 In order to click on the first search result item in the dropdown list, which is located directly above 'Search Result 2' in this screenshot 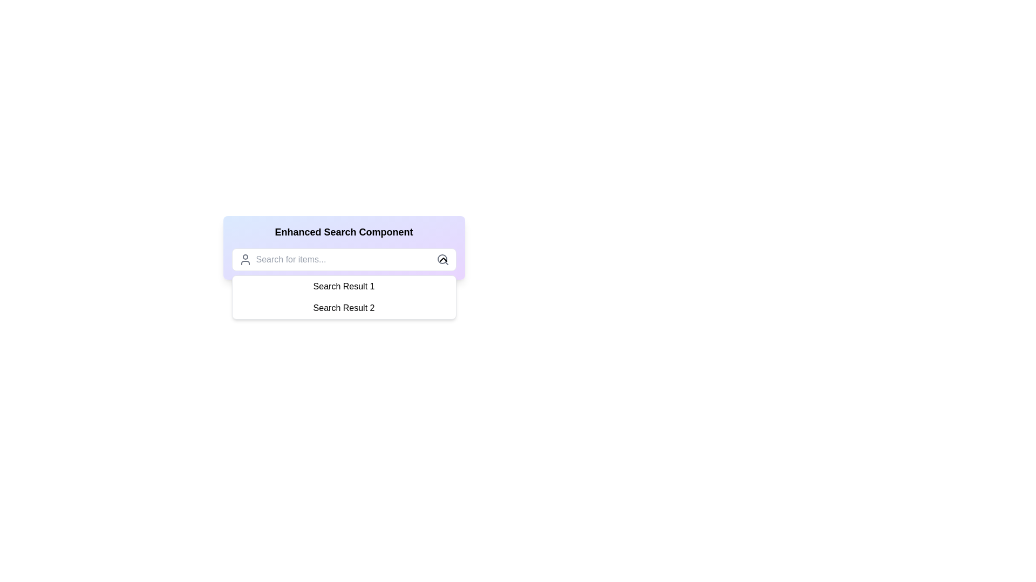, I will do `click(343, 286)`.